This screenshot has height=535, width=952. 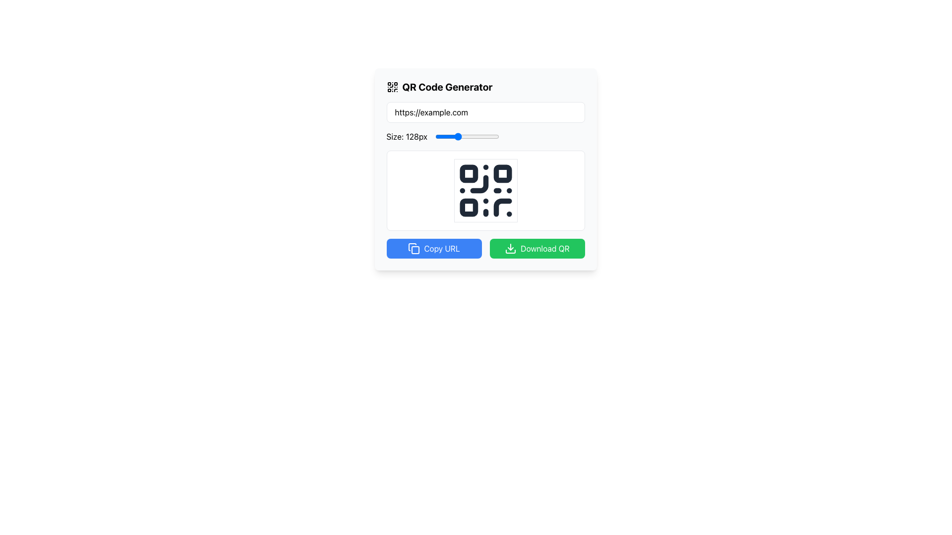 What do you see at coordinates (483, 137) in the screenshot?
I see `the size` at bounding box center [483, 137].